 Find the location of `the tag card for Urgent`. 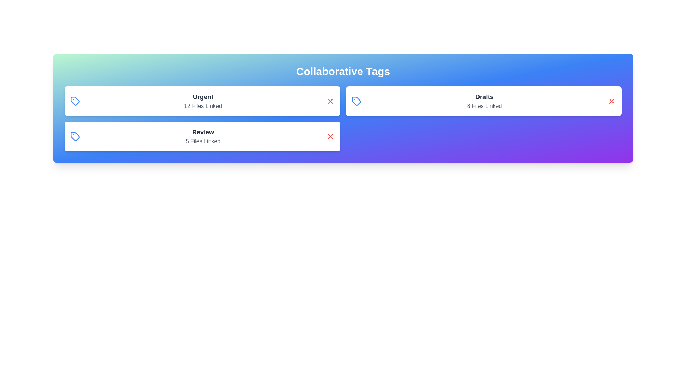

the tag card for Urgent is located at coordinates (202, 101).